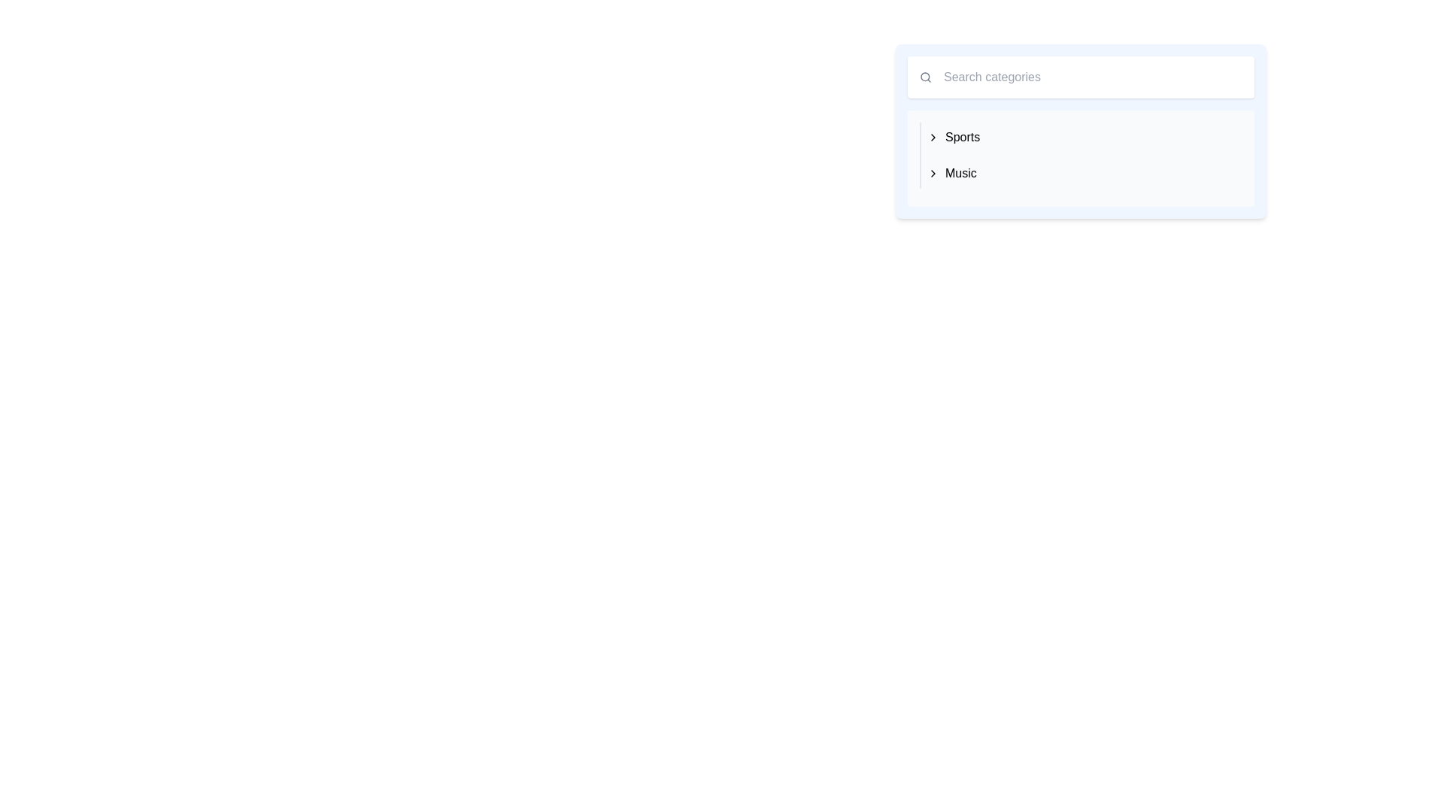  What do you see at coordinates (953, 137) in the screenshot?
I see `the 'Sports' menu item` at bounding box center [953, 137].